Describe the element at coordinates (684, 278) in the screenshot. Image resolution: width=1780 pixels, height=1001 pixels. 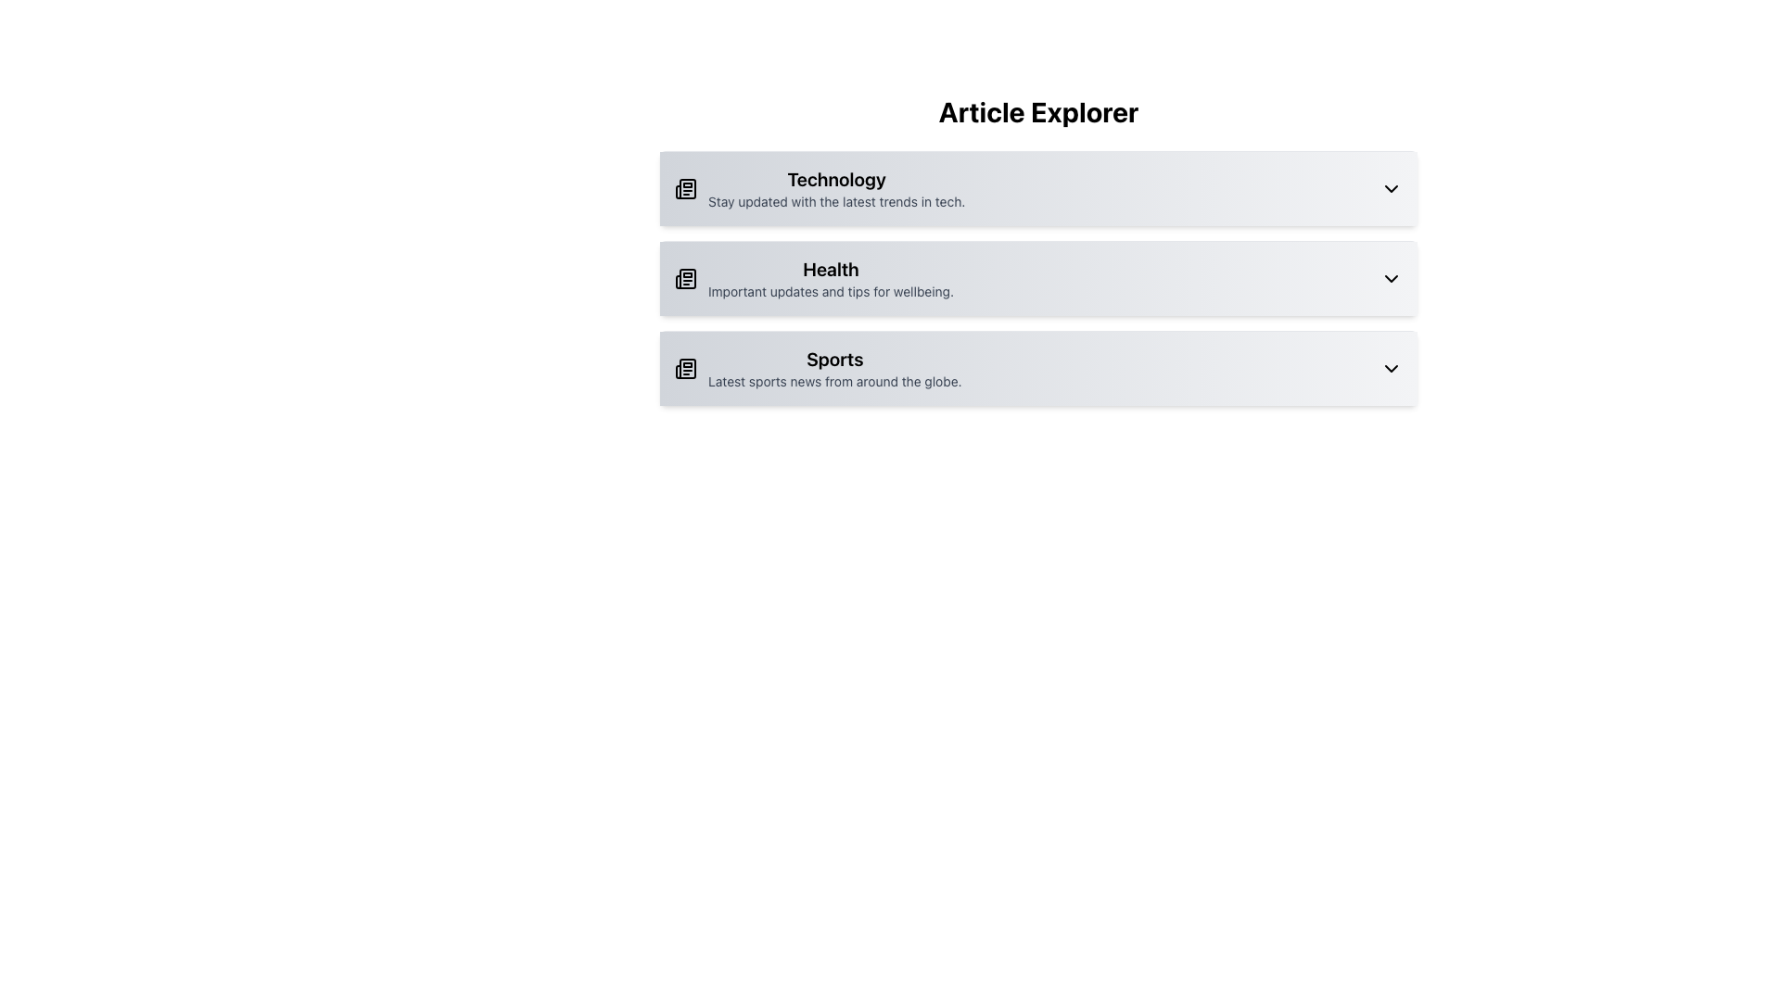
I see `the newspaper icon in the Health section` at that location.